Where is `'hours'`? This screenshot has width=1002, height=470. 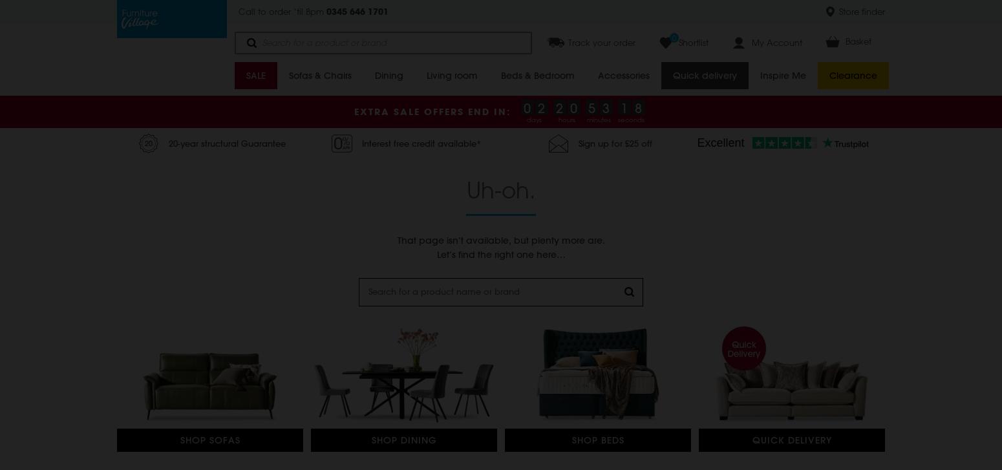
'hours' is located at coordinates (566, 120).